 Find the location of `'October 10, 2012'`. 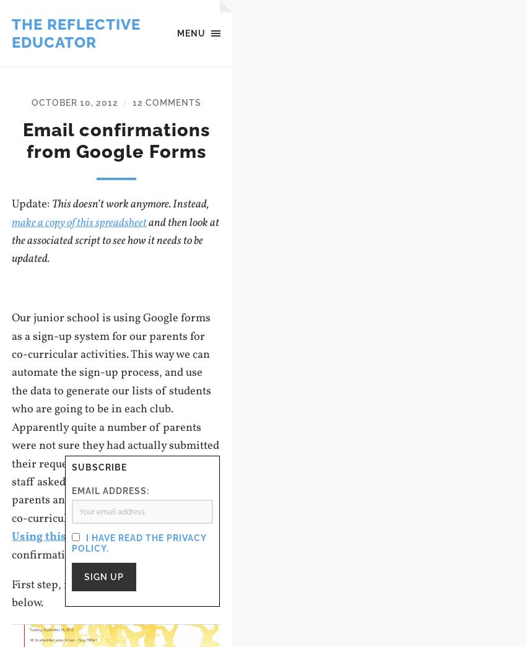

'October 10, 2012' is located at coordinates (74, 102).